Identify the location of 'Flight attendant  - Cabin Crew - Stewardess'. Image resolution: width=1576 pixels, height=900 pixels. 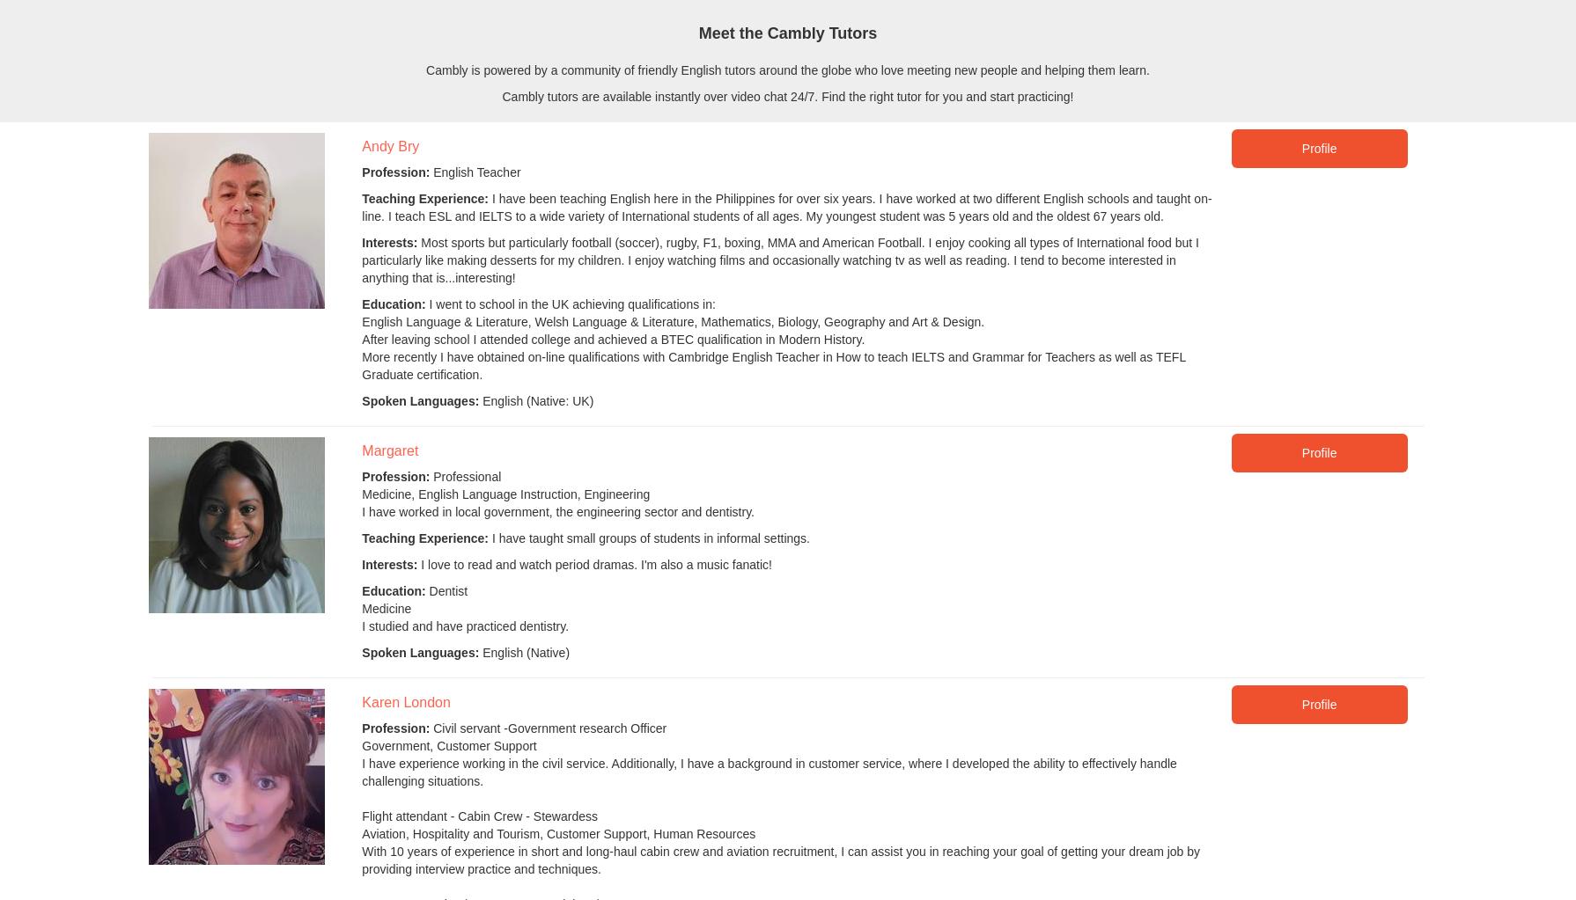
(479, 815).